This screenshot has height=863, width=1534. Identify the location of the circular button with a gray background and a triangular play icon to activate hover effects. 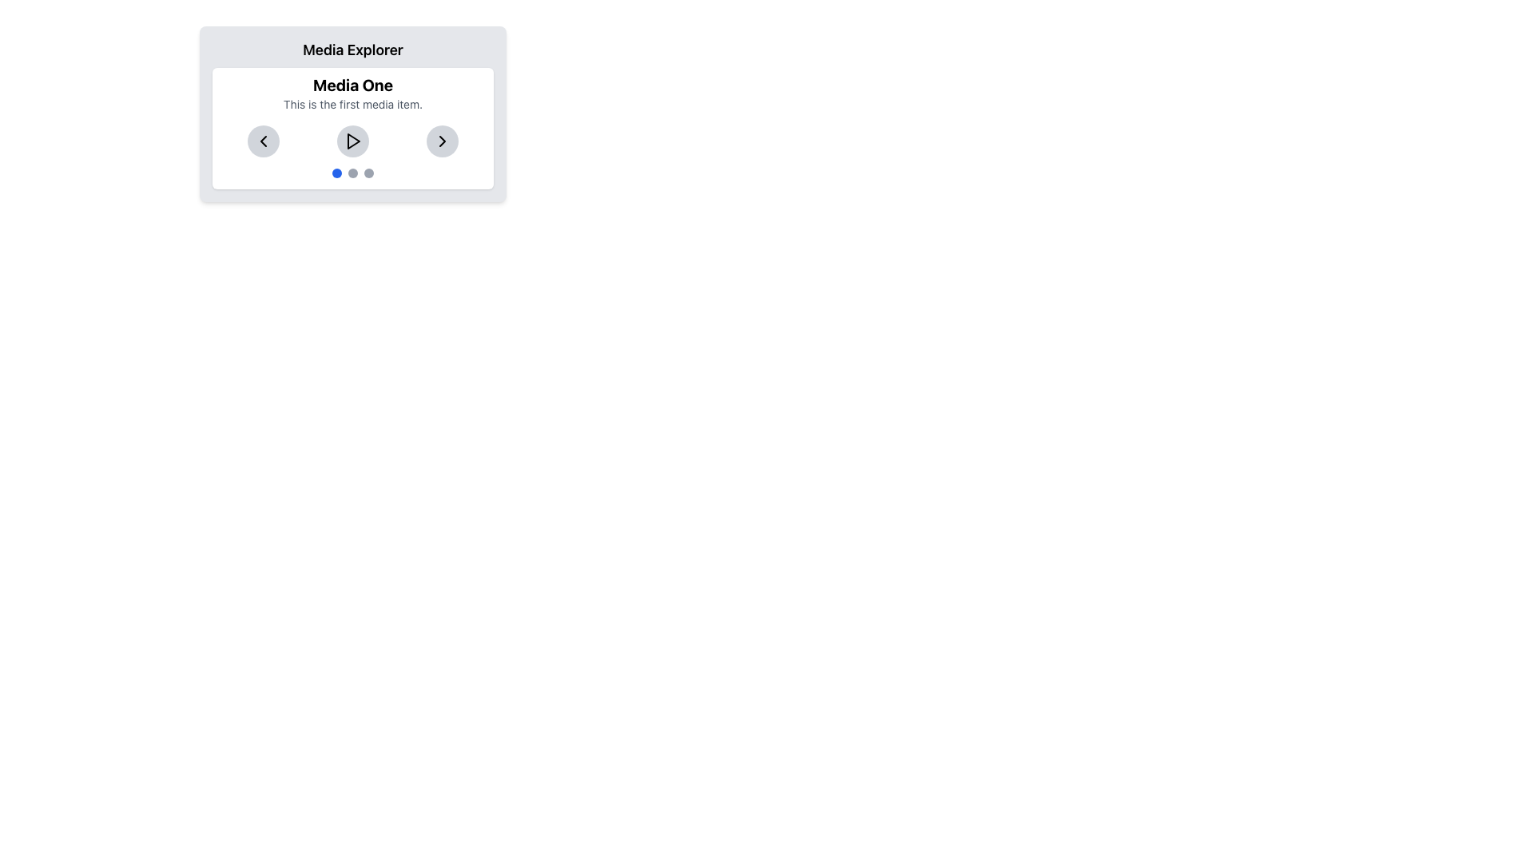
(352, 141).